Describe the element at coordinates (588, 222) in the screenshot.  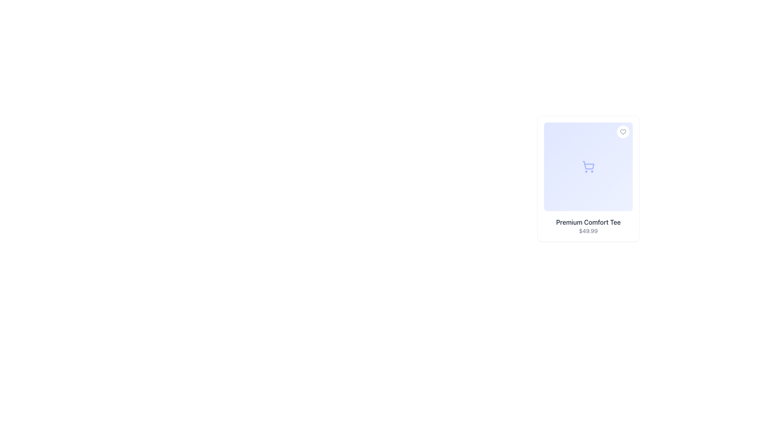
I see `the text label presenting the product name, which is located centrally within the card component, to facilitate interaction with adjacent elements` at that location.